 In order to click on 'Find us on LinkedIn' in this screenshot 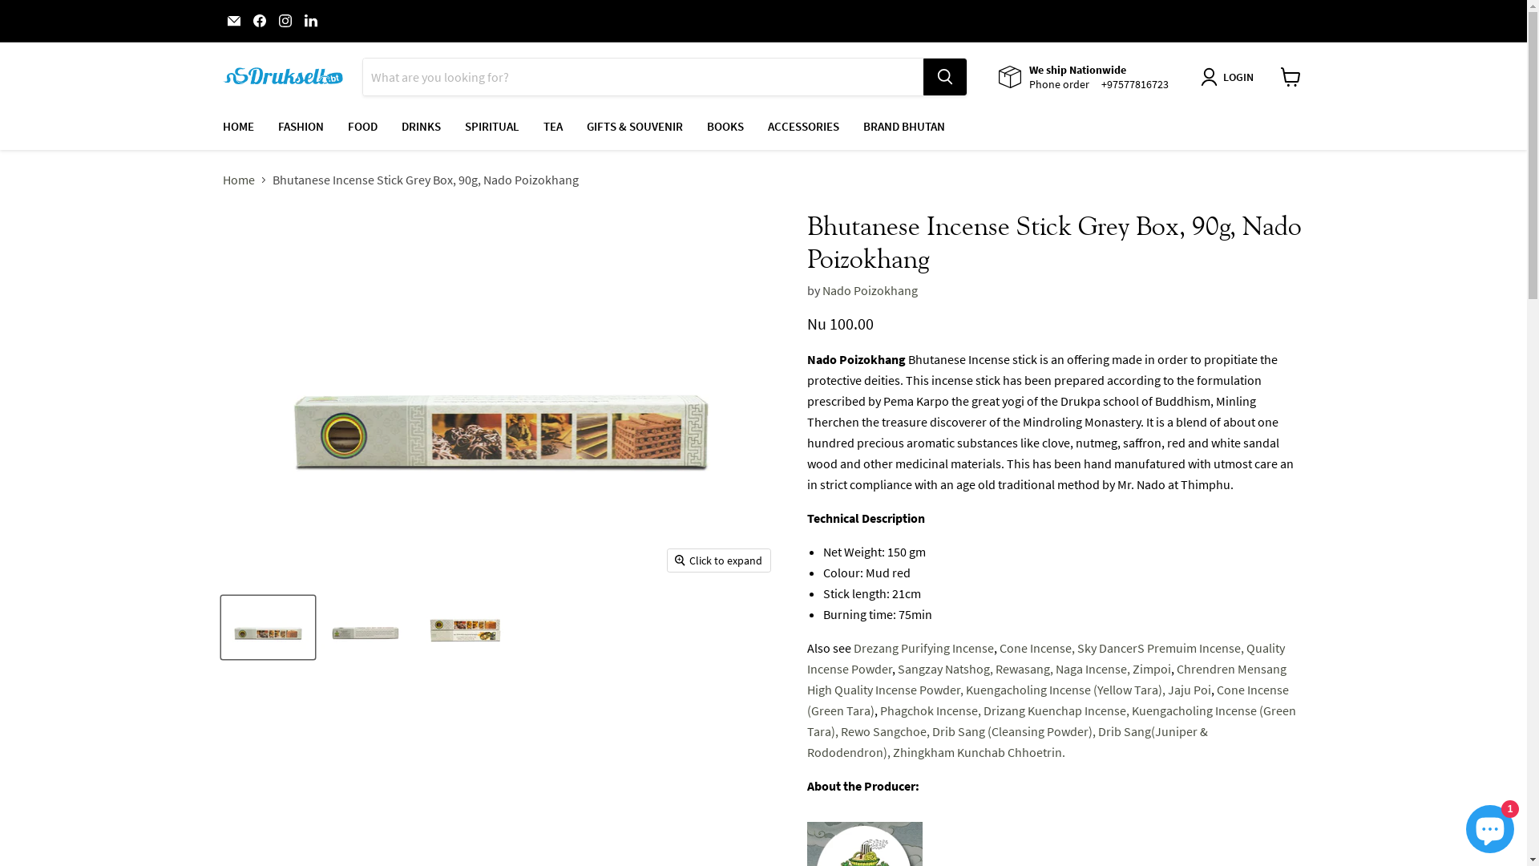, I will do `click(300, 21)`.